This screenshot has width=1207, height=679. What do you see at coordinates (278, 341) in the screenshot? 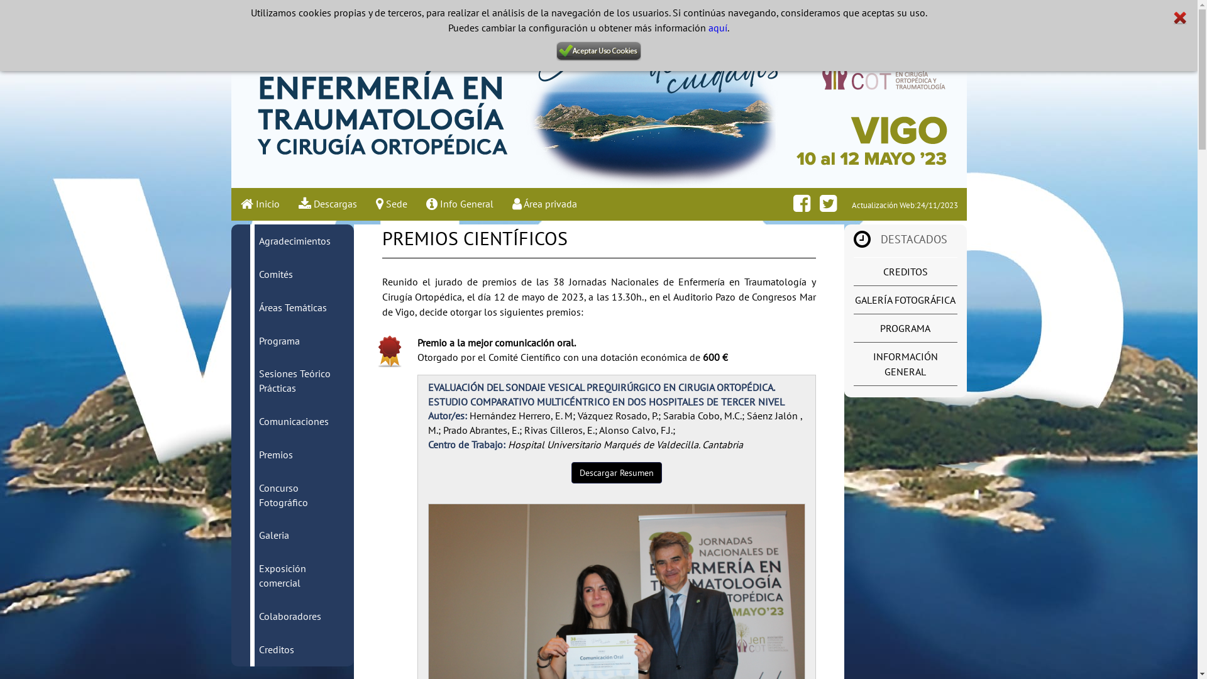
I see `'Programa'` at bounding box center [278, 341].